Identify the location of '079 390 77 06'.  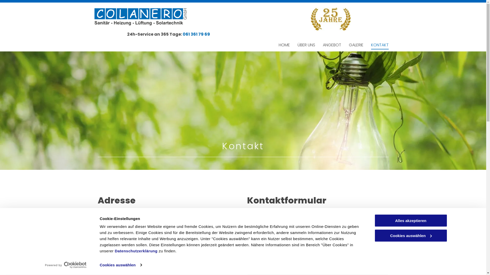
(116, 257).